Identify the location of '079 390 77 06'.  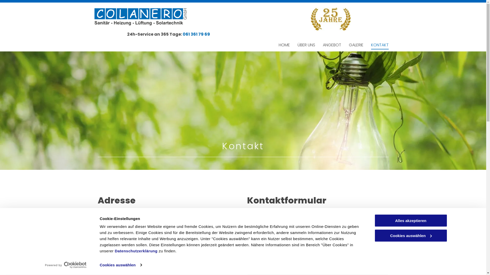
(116, 257).